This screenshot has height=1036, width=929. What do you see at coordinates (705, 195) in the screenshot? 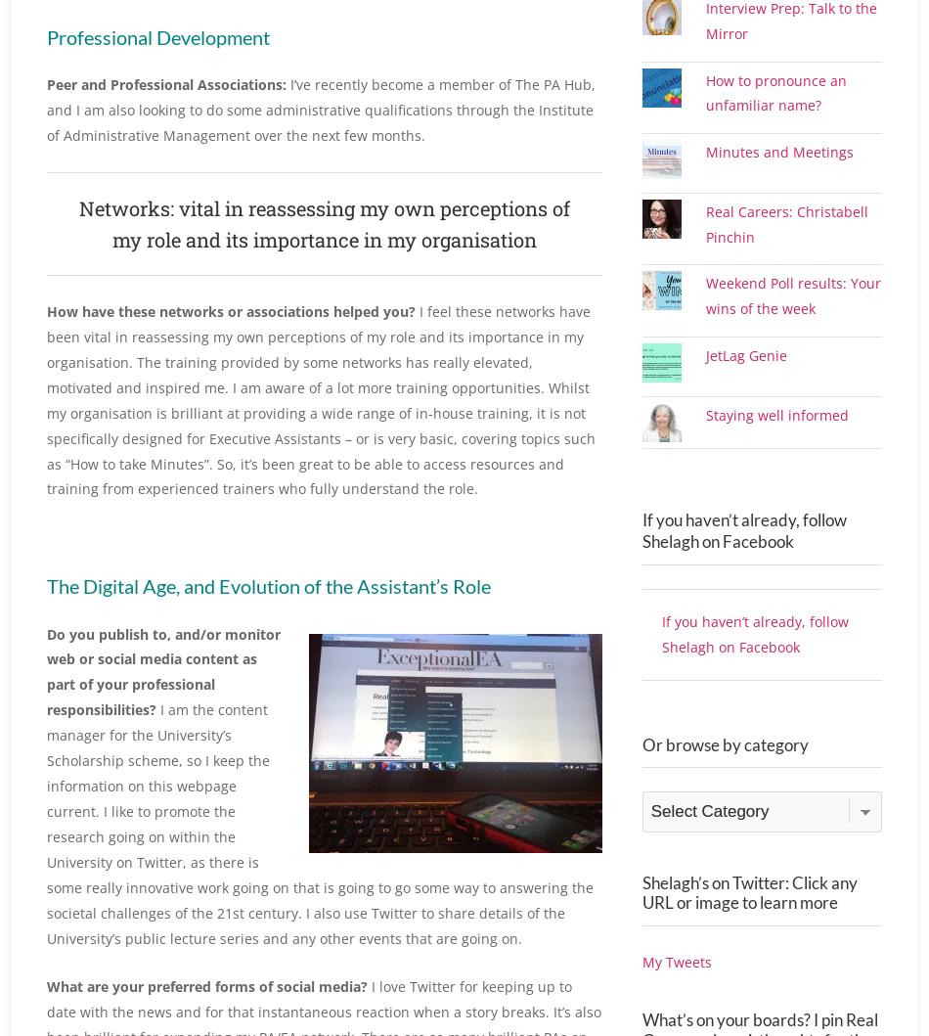
I see `'Minutes and Meetings'` at bounding box center [705, 195].